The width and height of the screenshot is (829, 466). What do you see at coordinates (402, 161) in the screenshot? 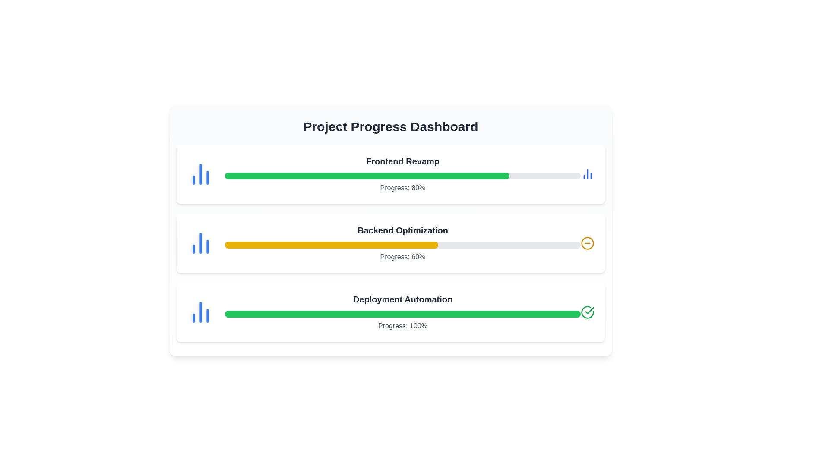
I see `text label that serves as the title or heading for the section, located above the progress bar labeled 'Progress: 80%' in the main content area` at bounding box center [402, 161].